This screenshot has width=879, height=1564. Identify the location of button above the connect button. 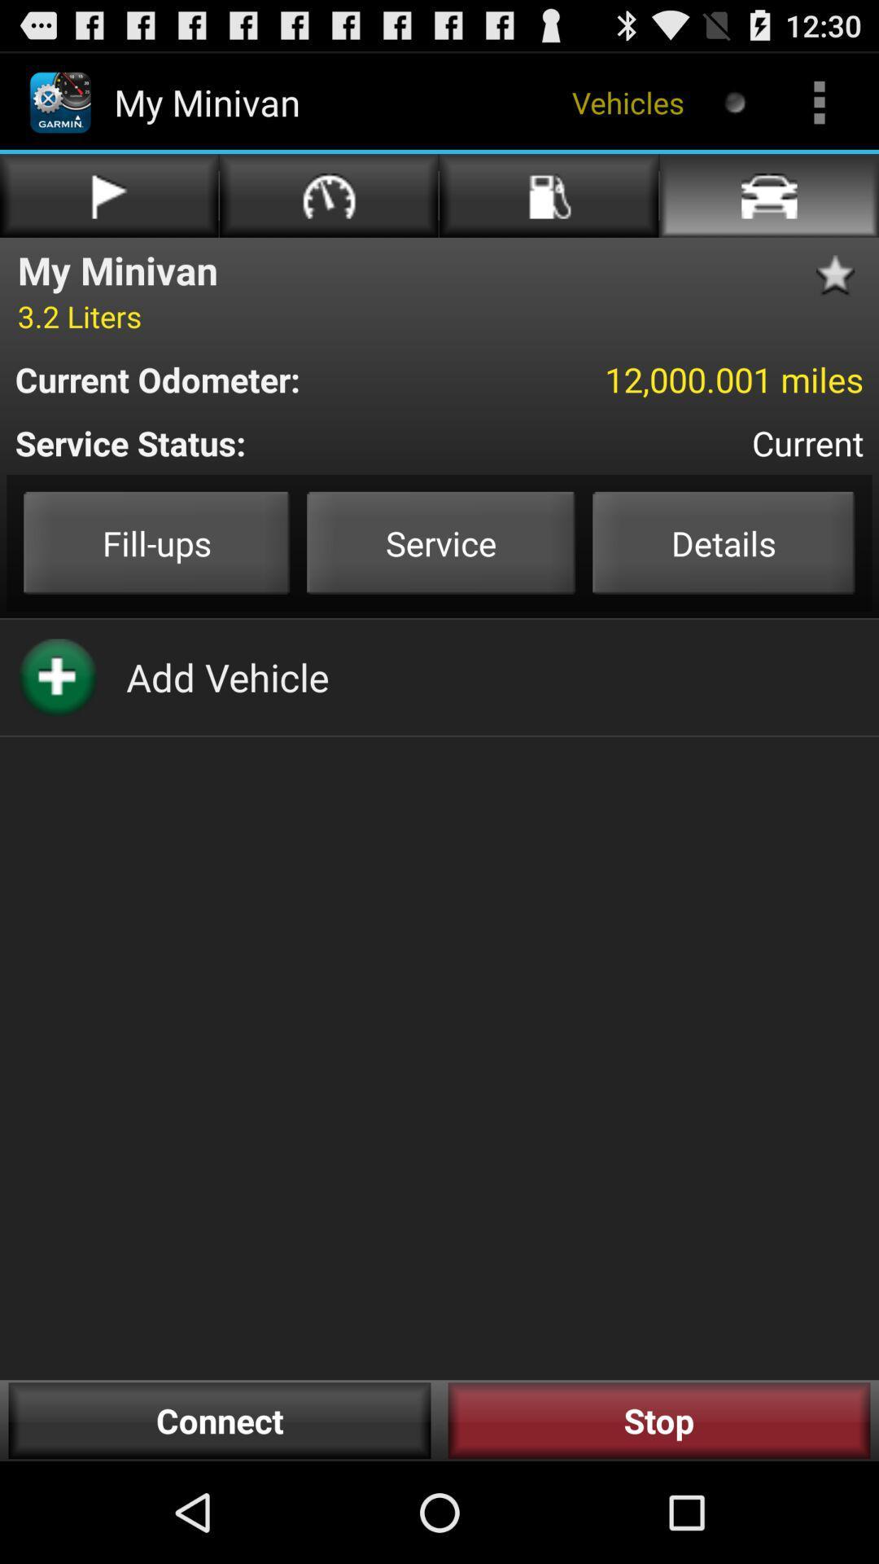
(227, 677).